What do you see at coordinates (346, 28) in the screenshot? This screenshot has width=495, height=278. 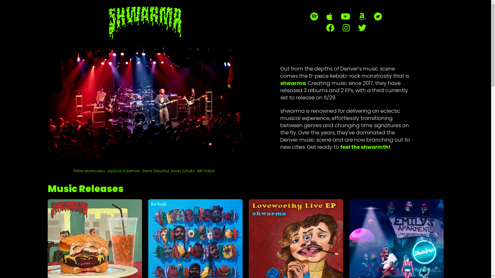 I see `'Instagram'` at bounding box center [346, 28].